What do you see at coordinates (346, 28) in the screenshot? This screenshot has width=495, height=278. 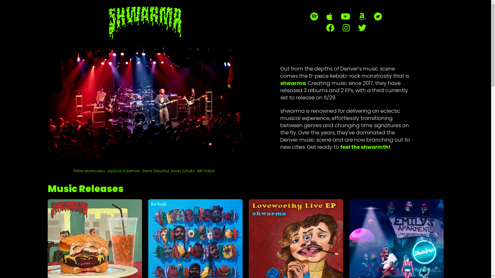 I see `'Instagram'` at bounding box center [346, 28].